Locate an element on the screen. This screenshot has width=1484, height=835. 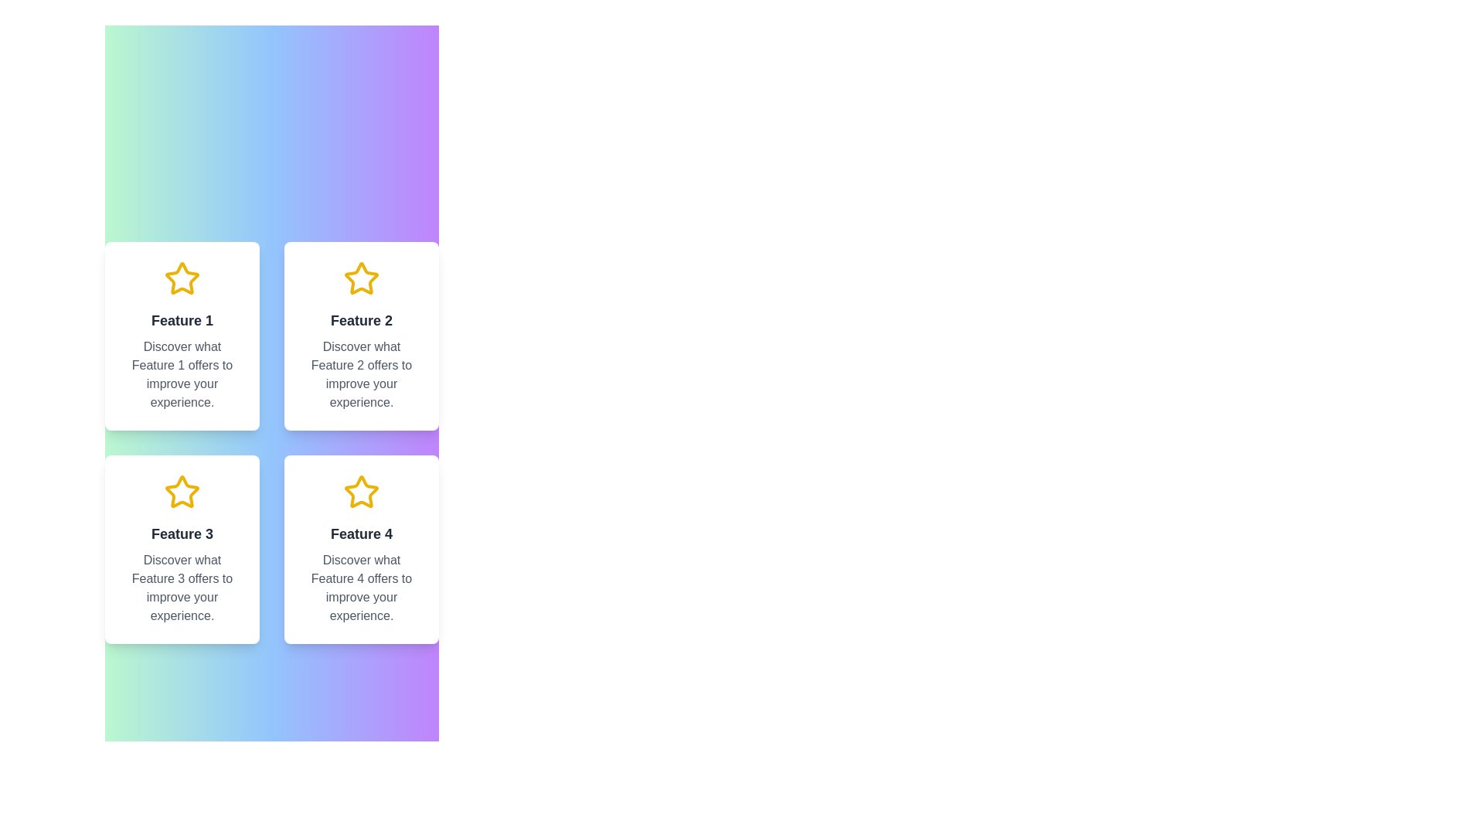
the Informational card titled 'Feature 2', which is the second card in a 2x2 grid layout, located in the top right position and features a yellow star icon and a bold heading is located at coordinates (360, 336).